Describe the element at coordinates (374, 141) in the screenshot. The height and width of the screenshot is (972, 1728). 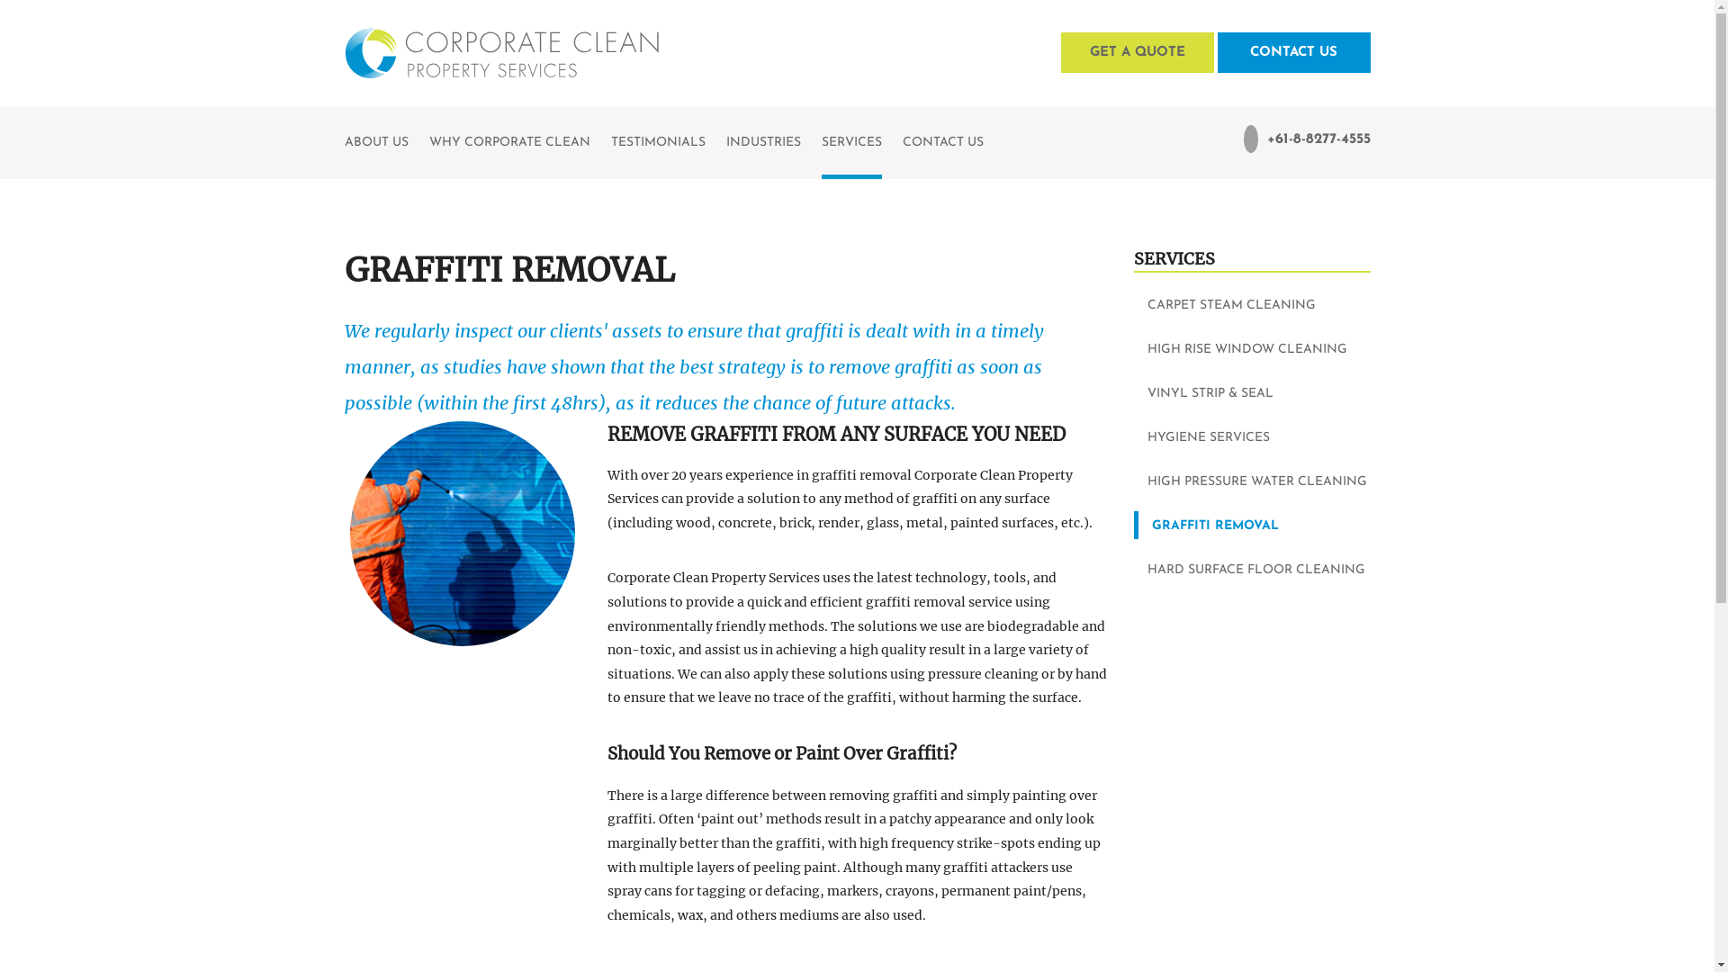
I see `'ABOUT US'` at that location.